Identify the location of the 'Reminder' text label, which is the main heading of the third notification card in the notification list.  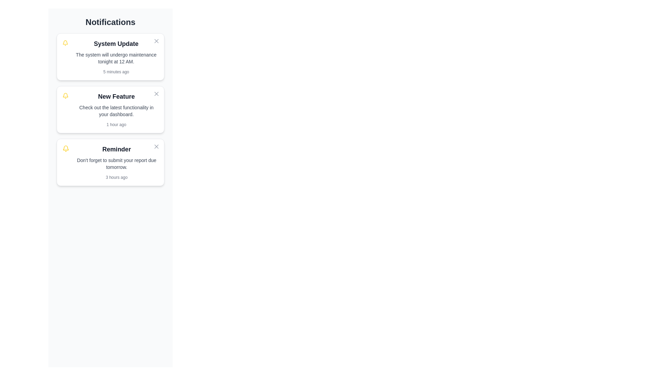
(116, 149).